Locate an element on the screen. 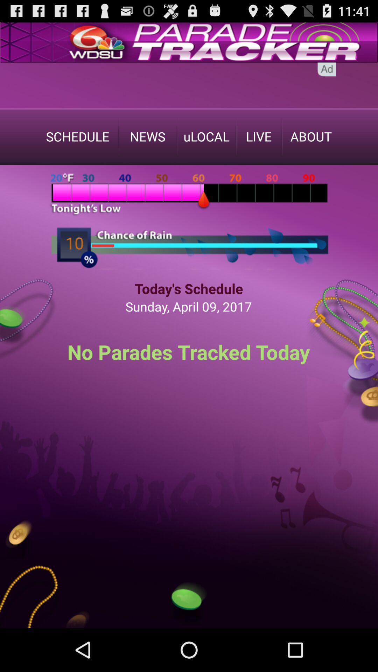 Image resolution: width=378 pixels, height=672 pixels. the text which is just beside news is located at coordinates (206, 136).